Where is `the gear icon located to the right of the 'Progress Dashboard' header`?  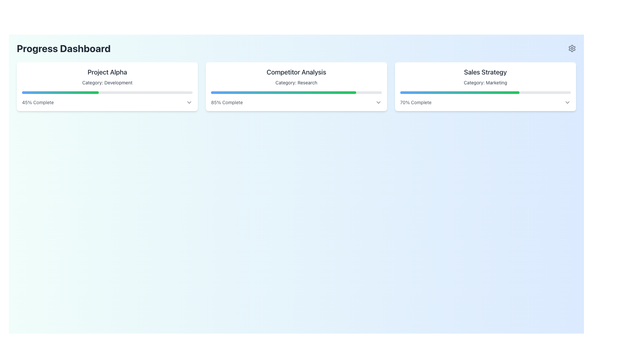 the gear icon located to the right of the 'Progress Dashboard' header is located at coordinates (571, 48).